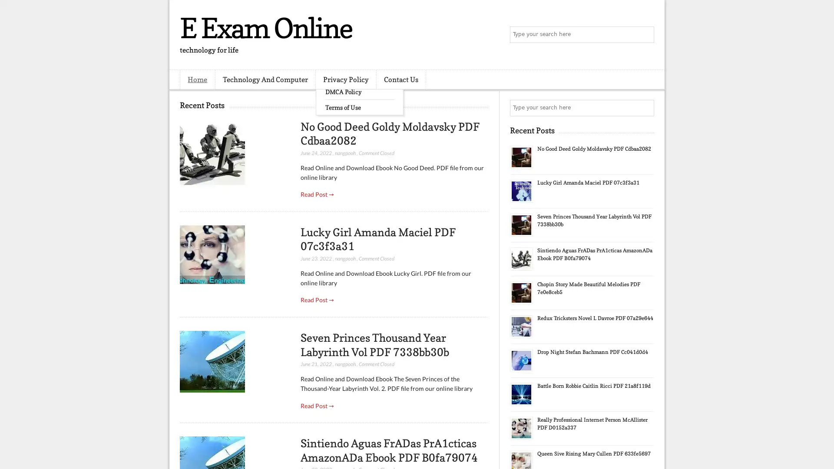 Image resolution: width=834 pixels, height=469 pixels. What do you see at coordinates (645, 35) in the screenshot?
I see `Search` at bounding box center [645, 35].